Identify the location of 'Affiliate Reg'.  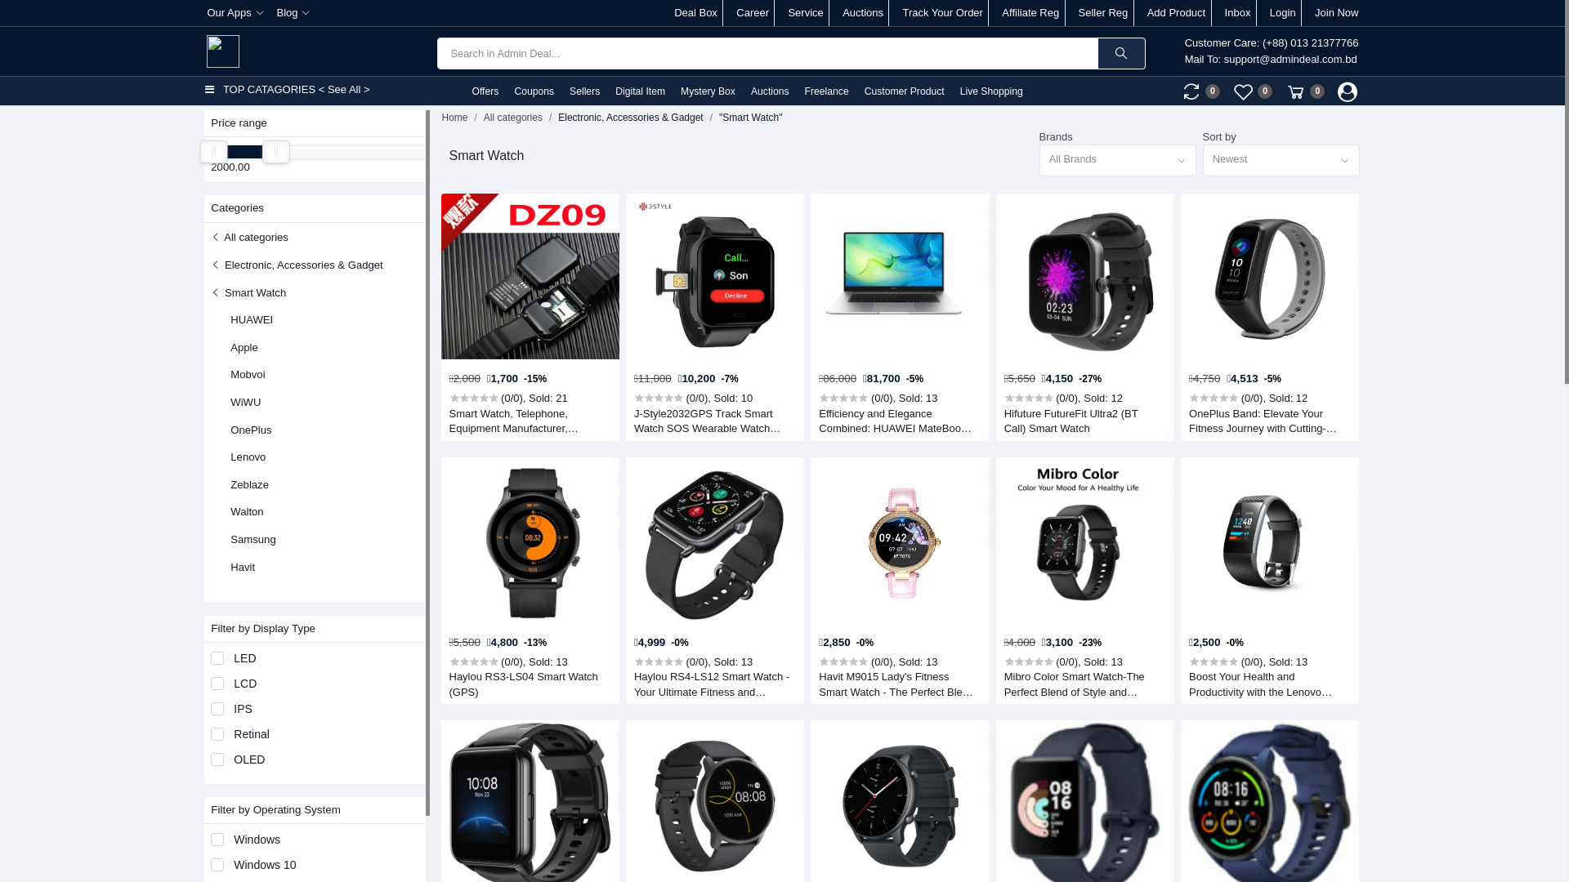
(1000, 12).